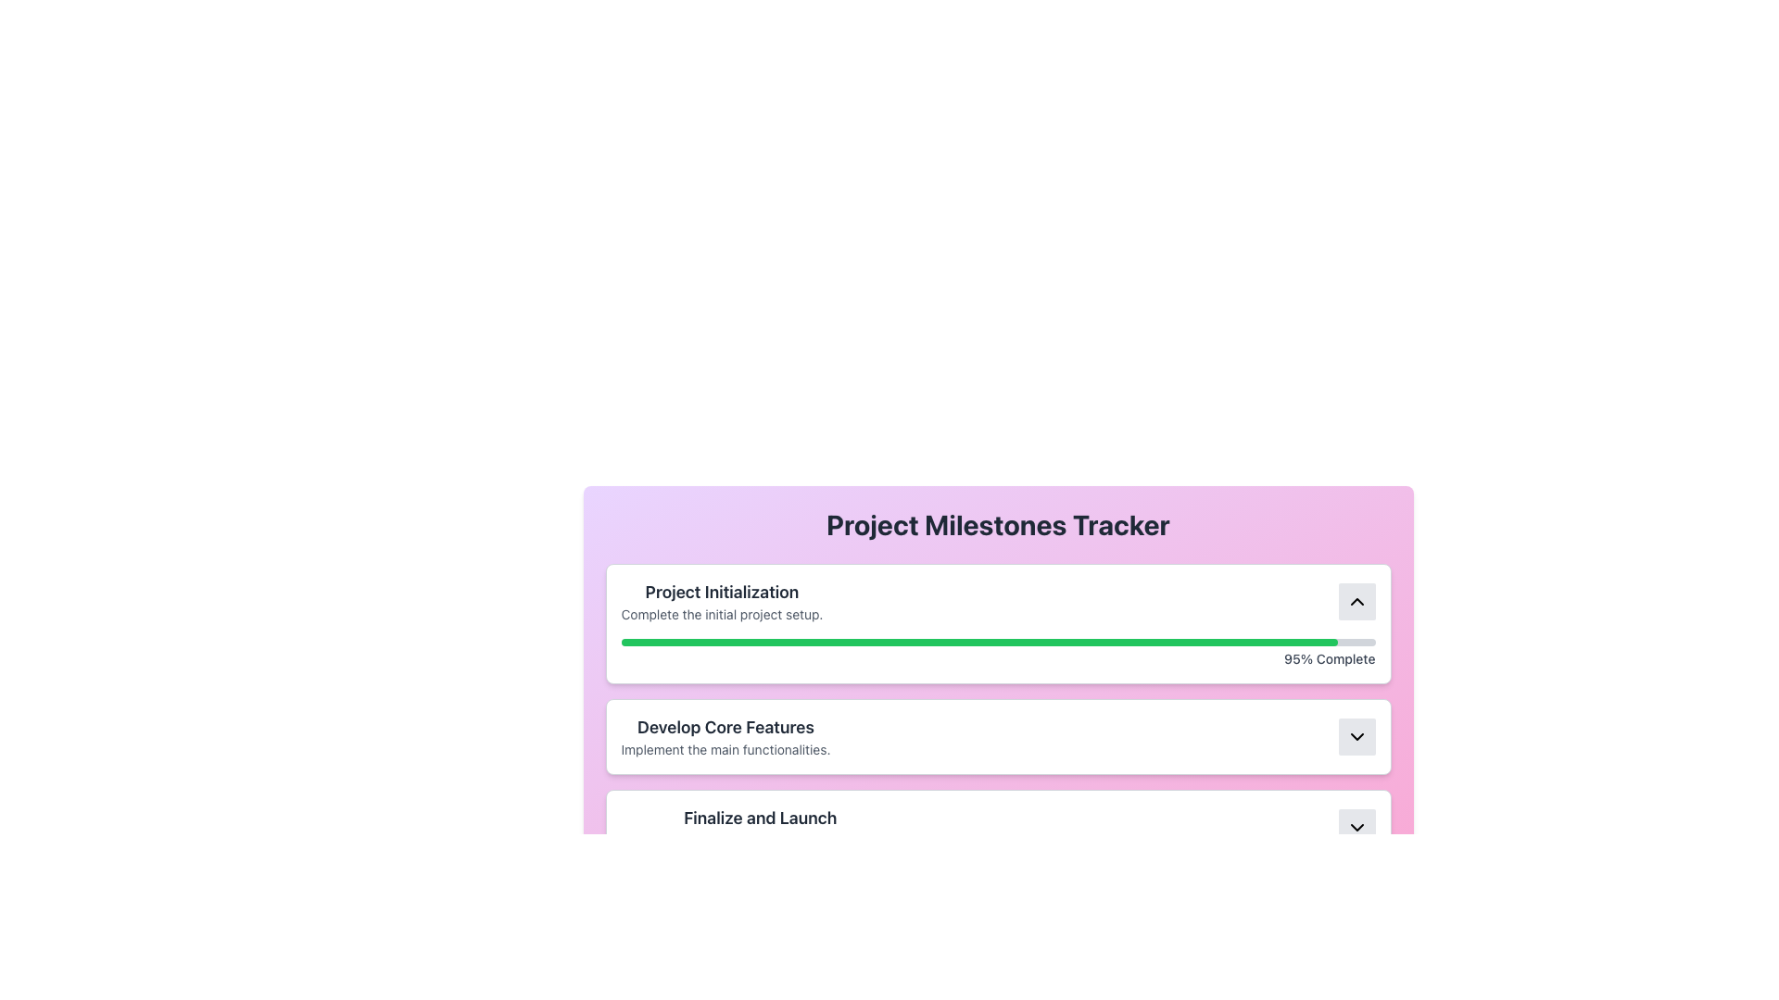  What do you see at coordinates (760, 817) in the screenshot?
I see `the text label reading 'Finalize and Launch', which is styled in a large, bold font in black on a pinkish background, located in the bottommost section of a task milestones list` at bounding box center [760, 817].